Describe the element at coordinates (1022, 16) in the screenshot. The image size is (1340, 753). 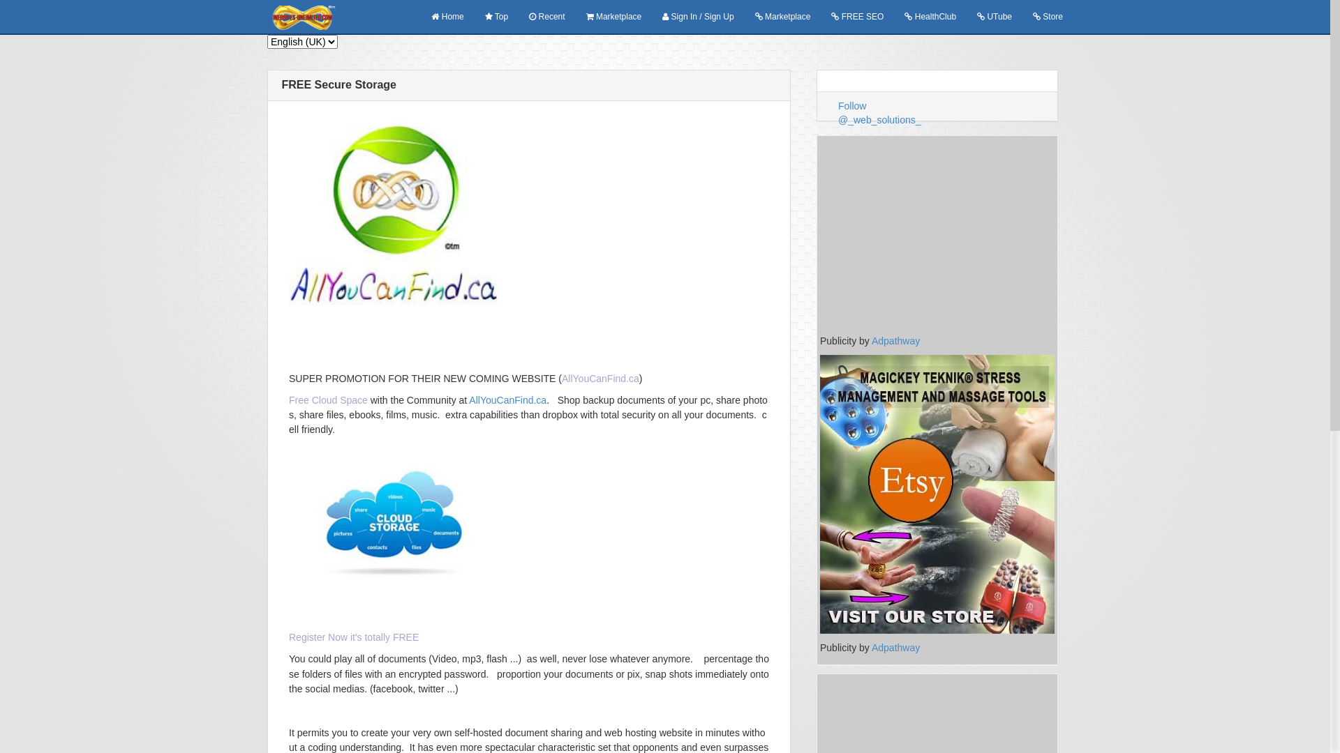
I see `'Store'` at that location.